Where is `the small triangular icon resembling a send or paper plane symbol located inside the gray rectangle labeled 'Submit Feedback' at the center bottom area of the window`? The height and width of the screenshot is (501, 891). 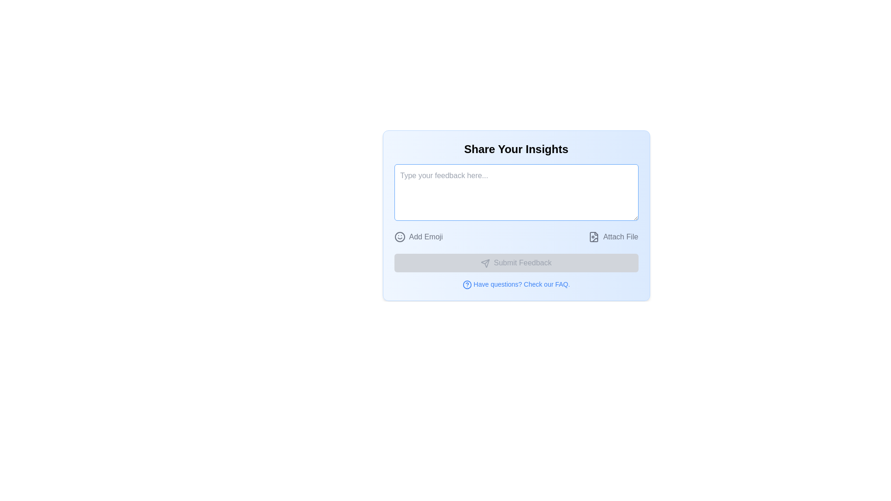 the small triangular icon resembling a send or paper plane symbol located inside the gray rectangle labeled 'Submit Feedback' at the center bottom area of the window is located at coordinates (485, 263).